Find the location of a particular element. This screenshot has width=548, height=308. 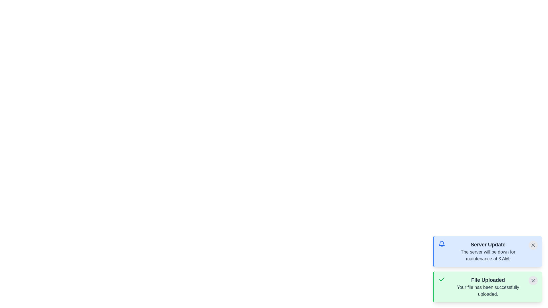

the green checkmark icon located at the top-left corner of the 'File Uploaded' green notification card, indicating successful completion is located at coordinates (442, 279).